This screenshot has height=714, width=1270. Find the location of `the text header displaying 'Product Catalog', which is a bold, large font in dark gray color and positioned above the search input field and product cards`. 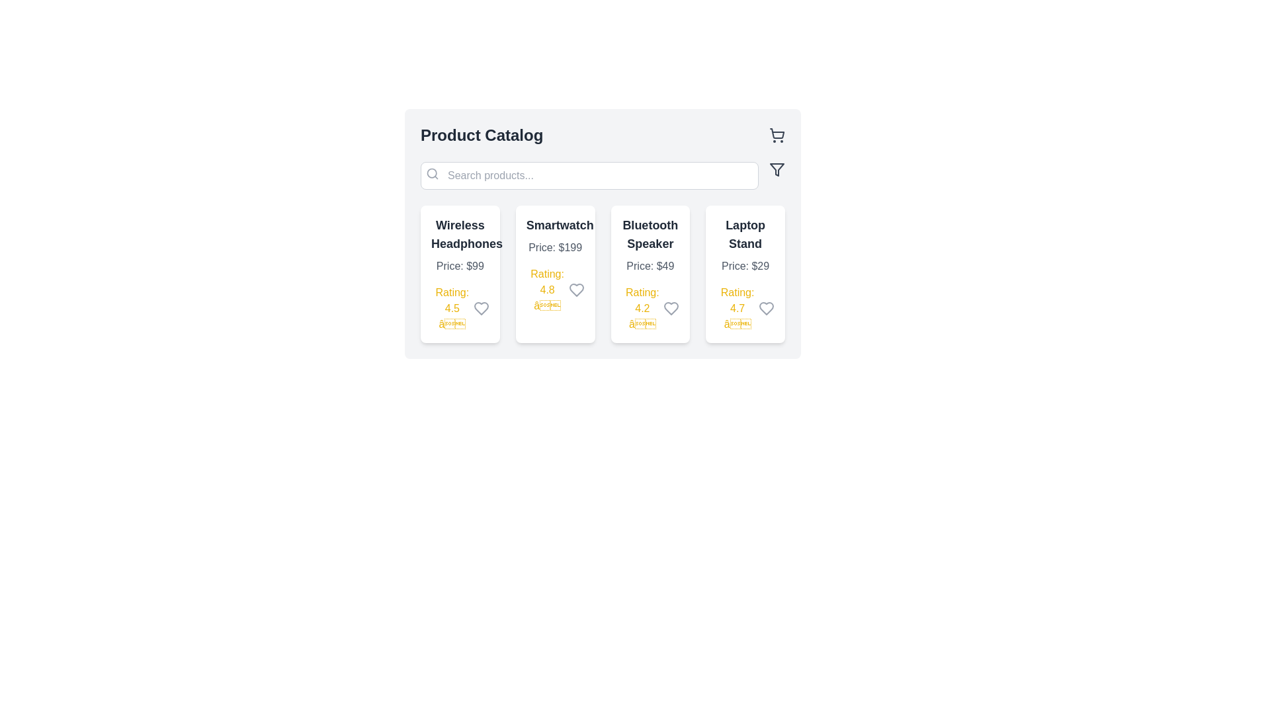

the text header displaying 'Product Catalog', which is a bold, large font in dark gray color and positioned above the search input field and product cards is located at coordinates (481, 135).